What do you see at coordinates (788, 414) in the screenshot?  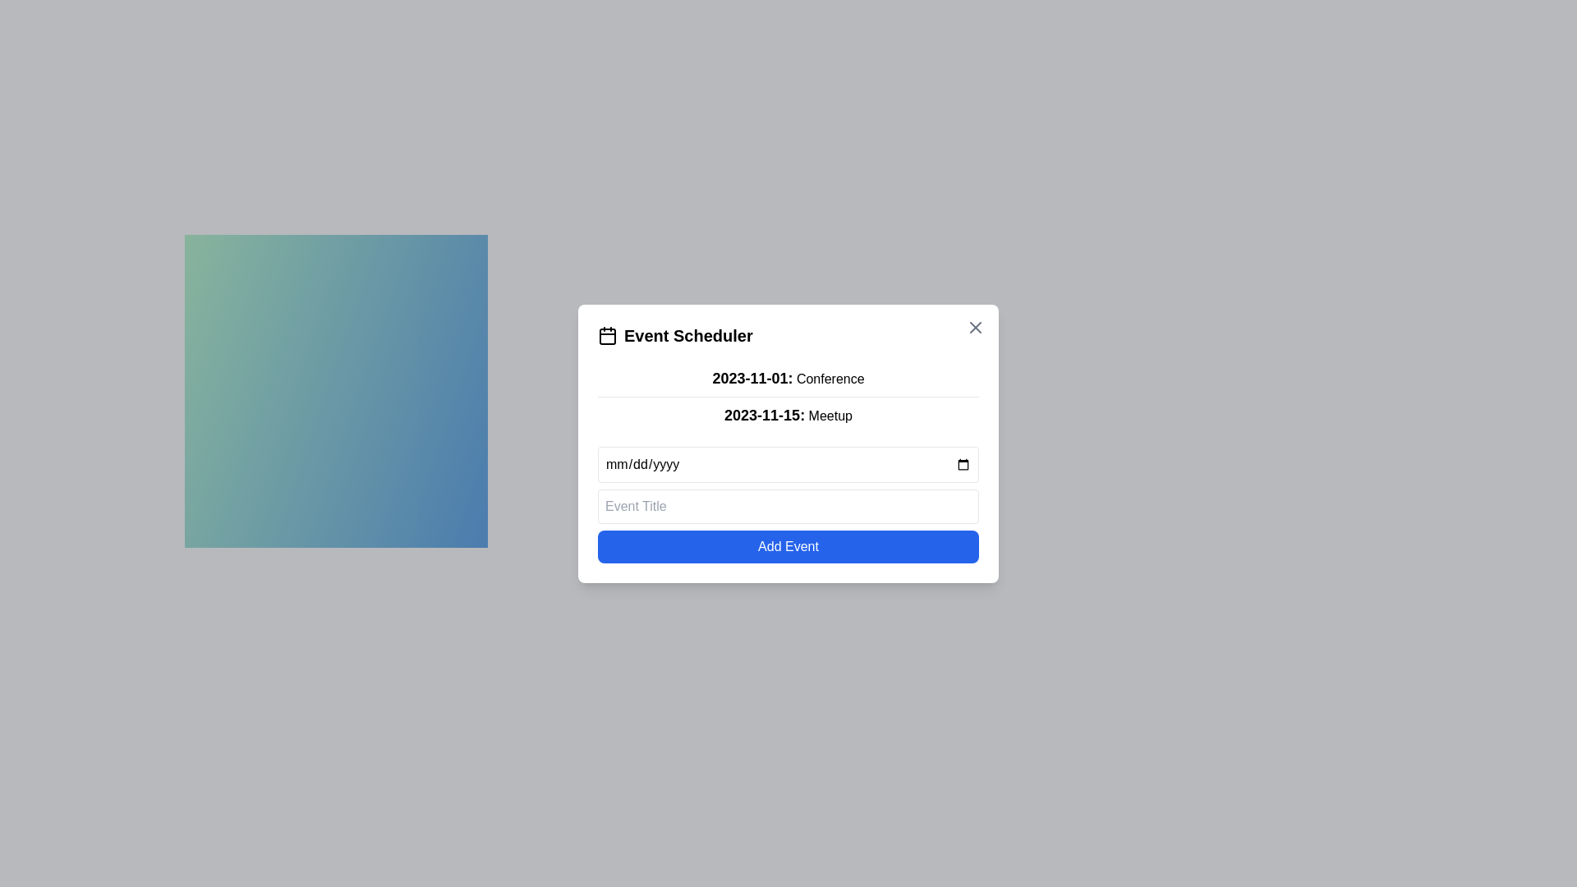 I see `the text label displaying '2023-11-15: Meetup' in the event list under 'Event Scheduler'` at bounding box center [788, 414].